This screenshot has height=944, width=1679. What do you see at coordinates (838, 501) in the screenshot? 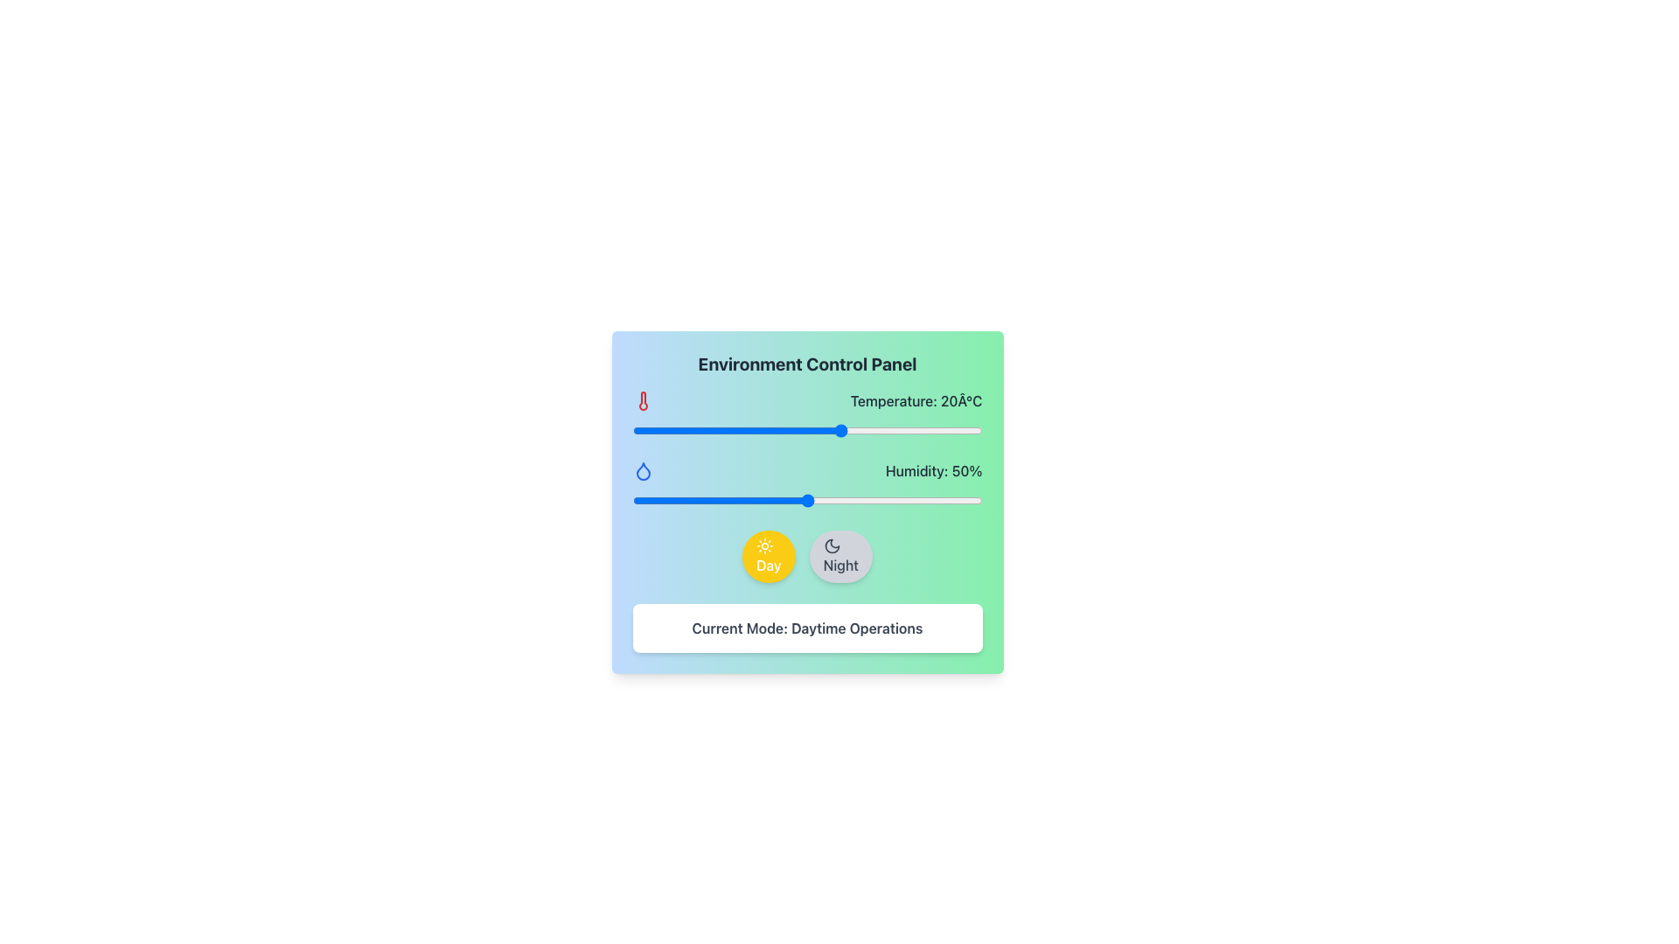
I see `the humidity` at bounding box center [838, 501].